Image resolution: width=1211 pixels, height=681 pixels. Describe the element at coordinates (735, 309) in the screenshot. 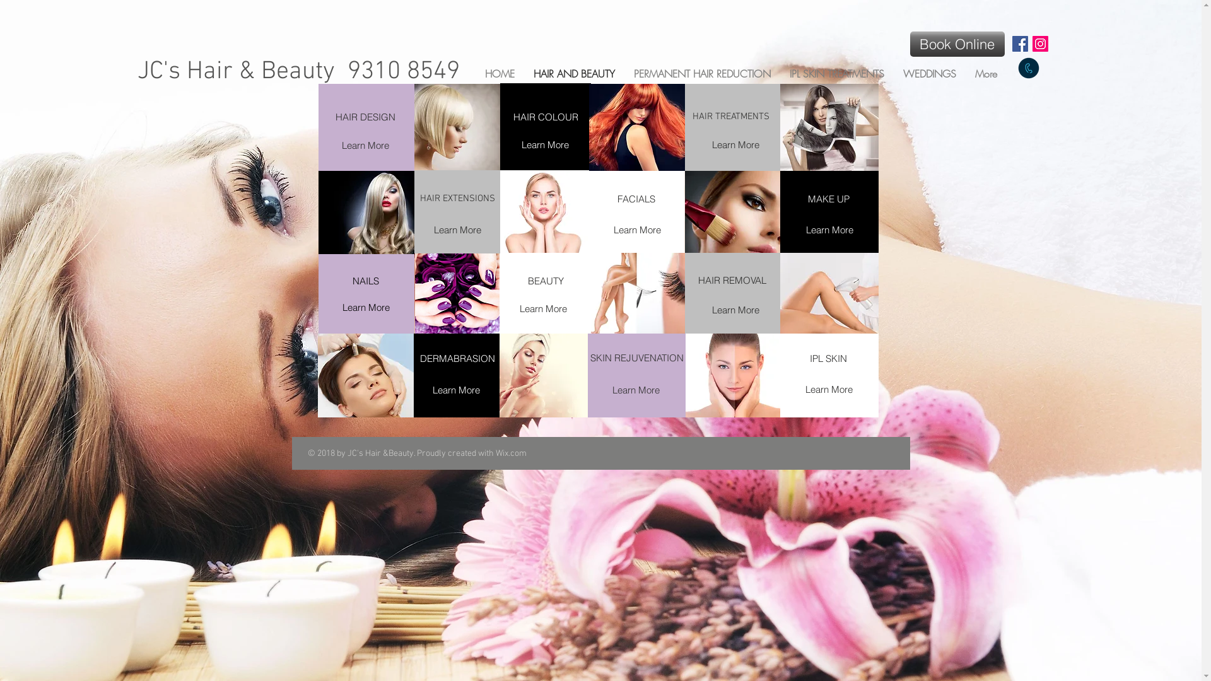

I see `'Learn More'` at that location.